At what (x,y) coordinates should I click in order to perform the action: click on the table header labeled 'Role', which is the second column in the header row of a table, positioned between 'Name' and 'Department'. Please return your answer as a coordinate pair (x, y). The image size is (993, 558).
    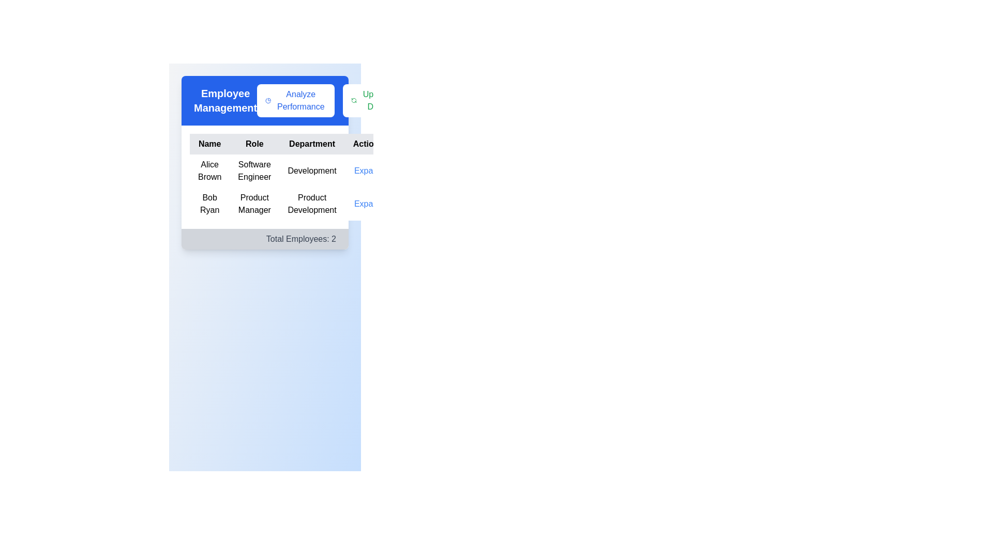
    Looking at the image, I should click on (254, 144).